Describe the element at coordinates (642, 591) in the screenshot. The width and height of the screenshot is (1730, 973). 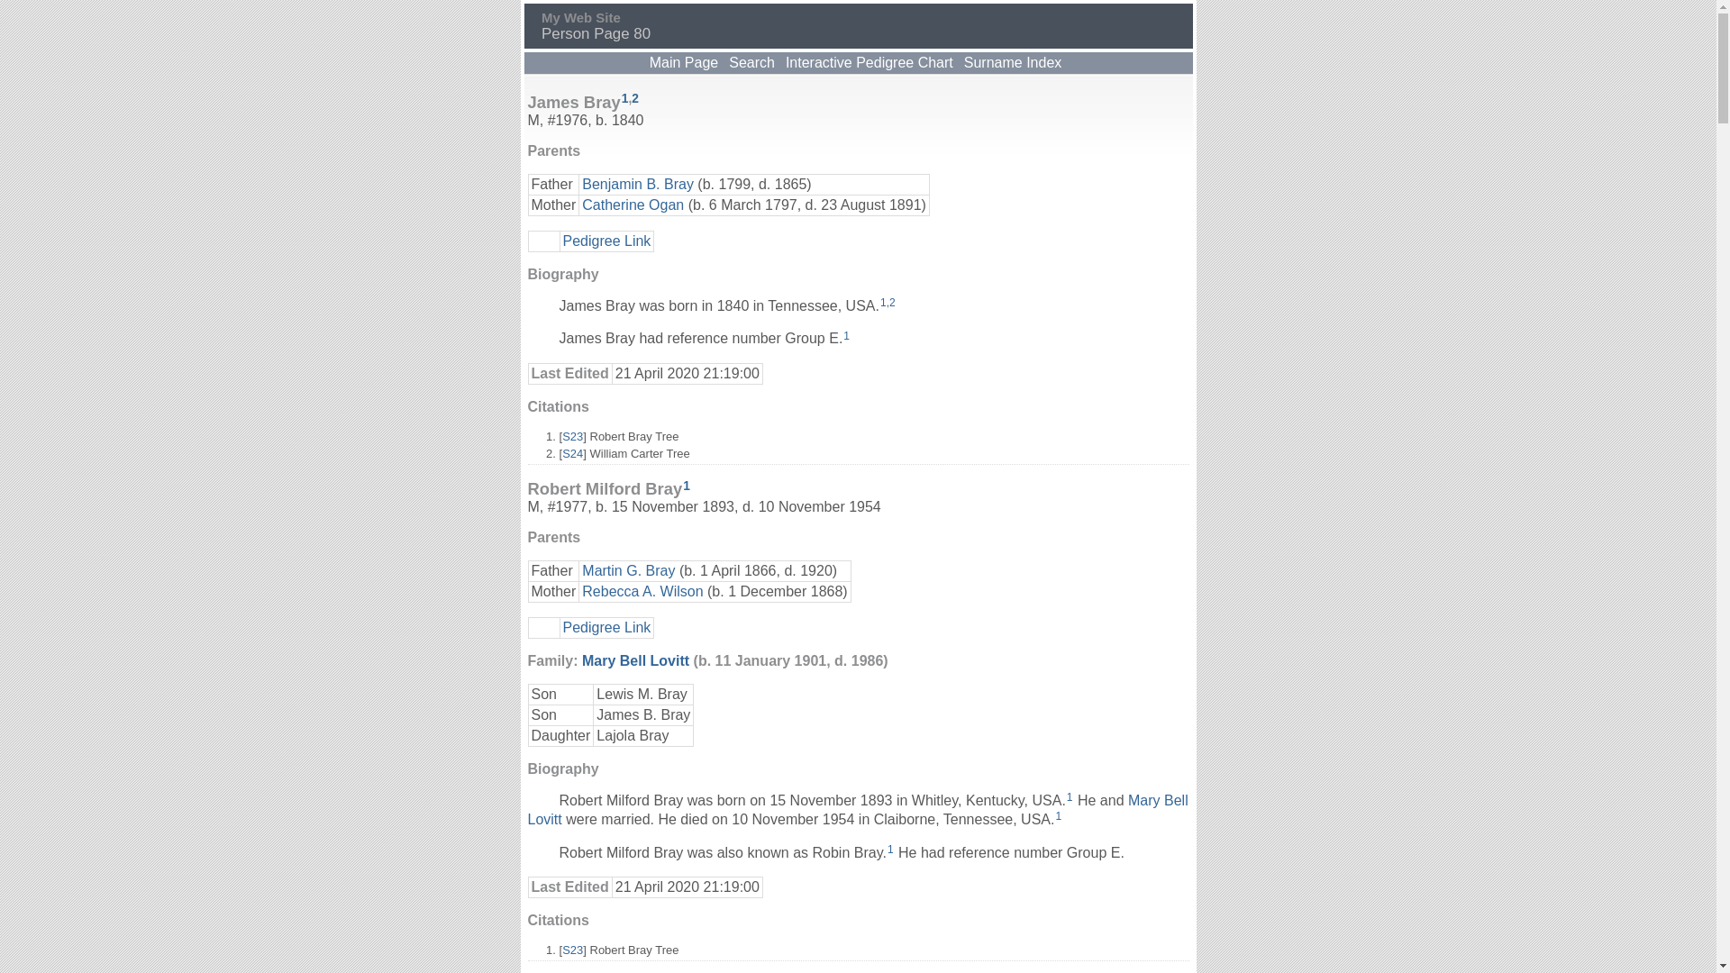
I see `'Rebecca A. Wilson'` at that location.